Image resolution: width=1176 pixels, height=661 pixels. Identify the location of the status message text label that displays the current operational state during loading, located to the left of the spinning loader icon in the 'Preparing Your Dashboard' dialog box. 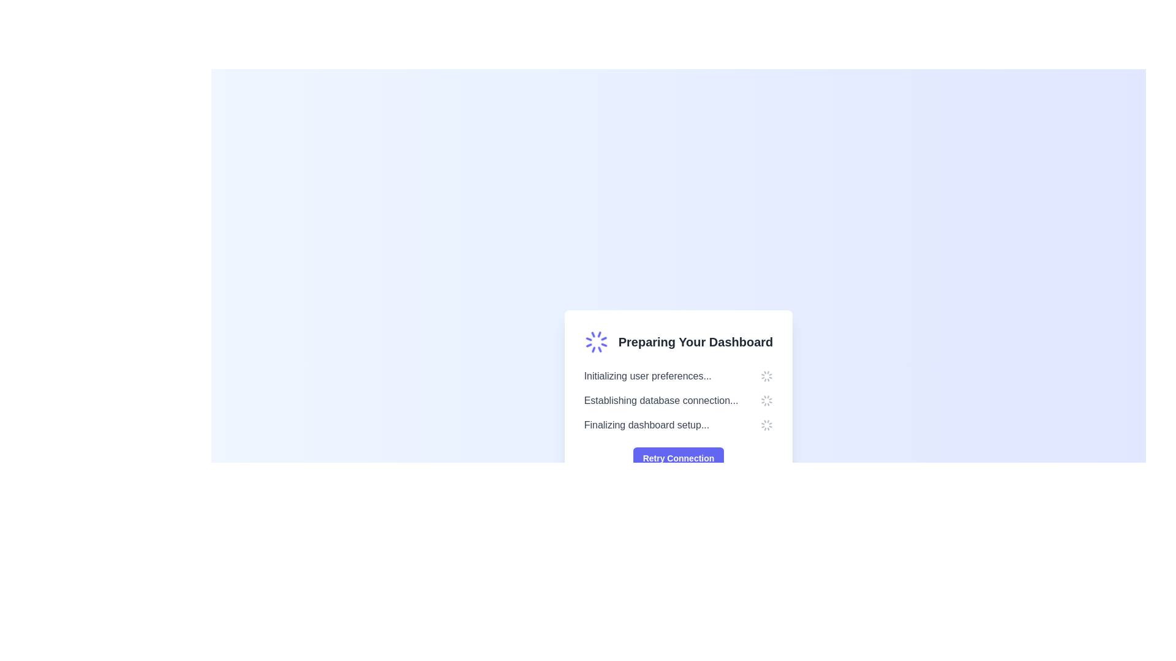
(647, 375).